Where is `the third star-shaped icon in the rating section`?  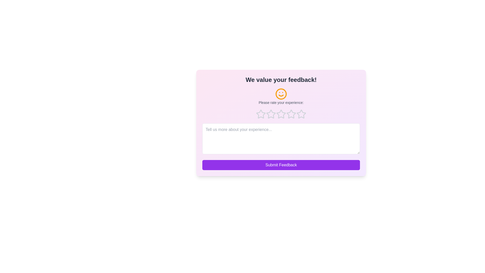 the third star-shaped icon in the rating section is located at coordinates (271, 114).